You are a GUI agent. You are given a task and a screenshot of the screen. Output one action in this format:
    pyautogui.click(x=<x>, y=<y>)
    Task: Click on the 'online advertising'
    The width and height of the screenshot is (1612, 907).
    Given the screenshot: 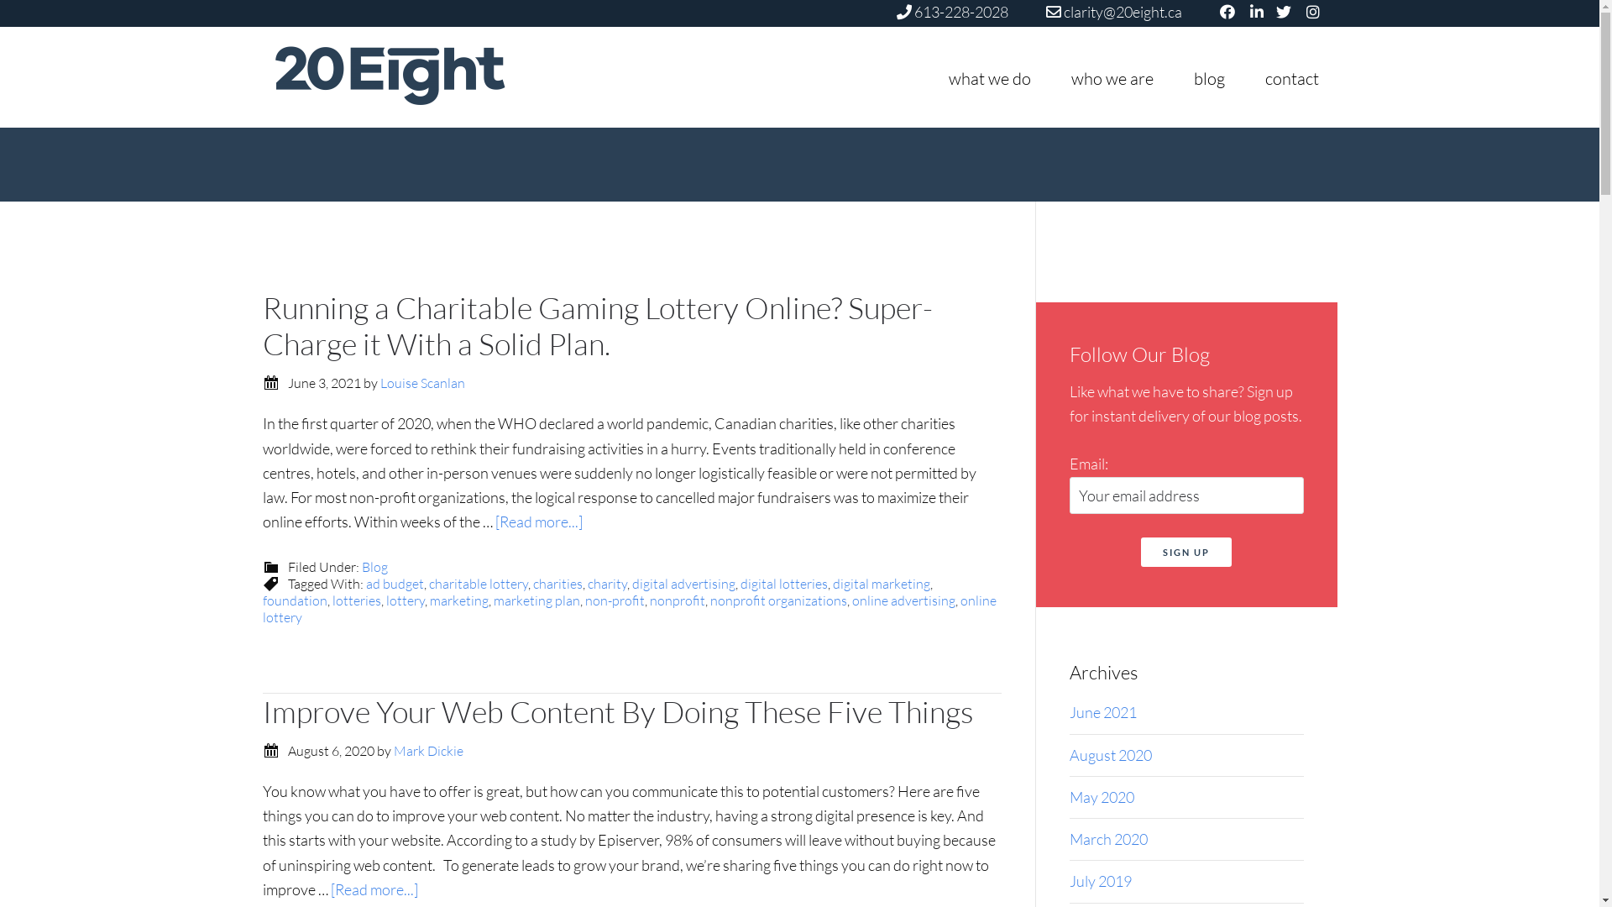 What is the action you would take?
    pyautogui.click(x=902, y=599)
    